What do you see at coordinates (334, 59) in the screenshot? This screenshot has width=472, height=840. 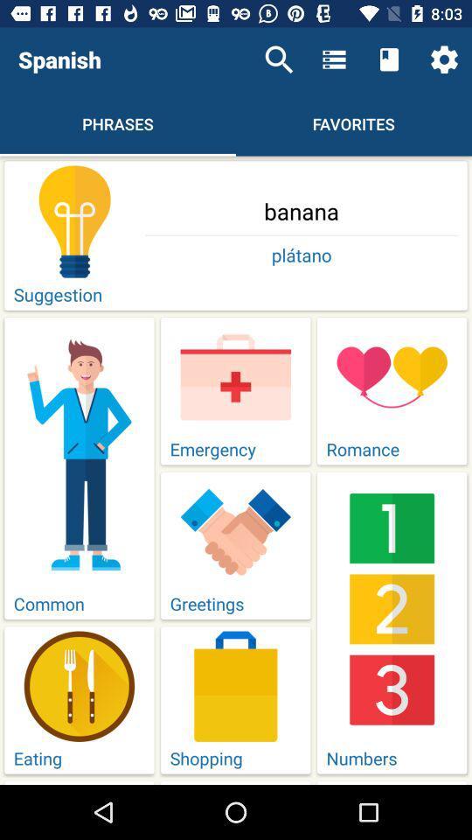 I see `item above the favorites item` at bounding box center [334, 59].